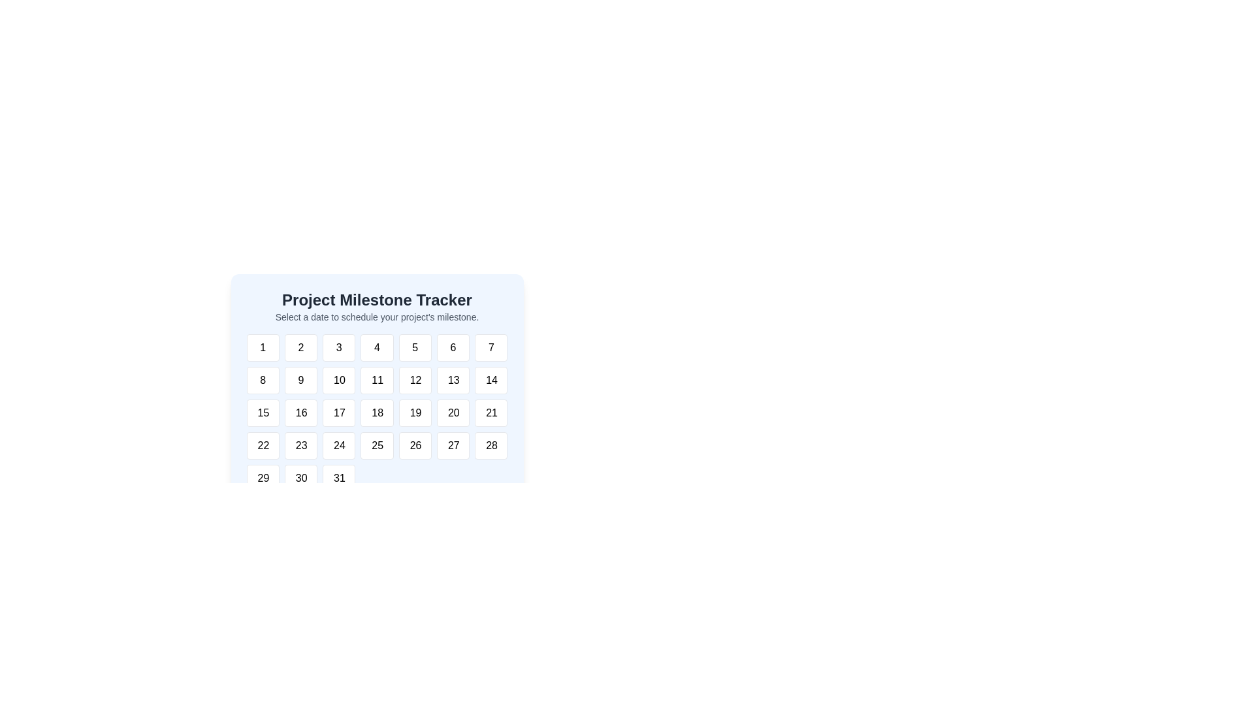 The height and width of the screenshot is (705, 1254). What do you see at coordinates (414, 445) in the screenshot?
I see `the calendar button labeled '26'` at bounding box center [414, 445].